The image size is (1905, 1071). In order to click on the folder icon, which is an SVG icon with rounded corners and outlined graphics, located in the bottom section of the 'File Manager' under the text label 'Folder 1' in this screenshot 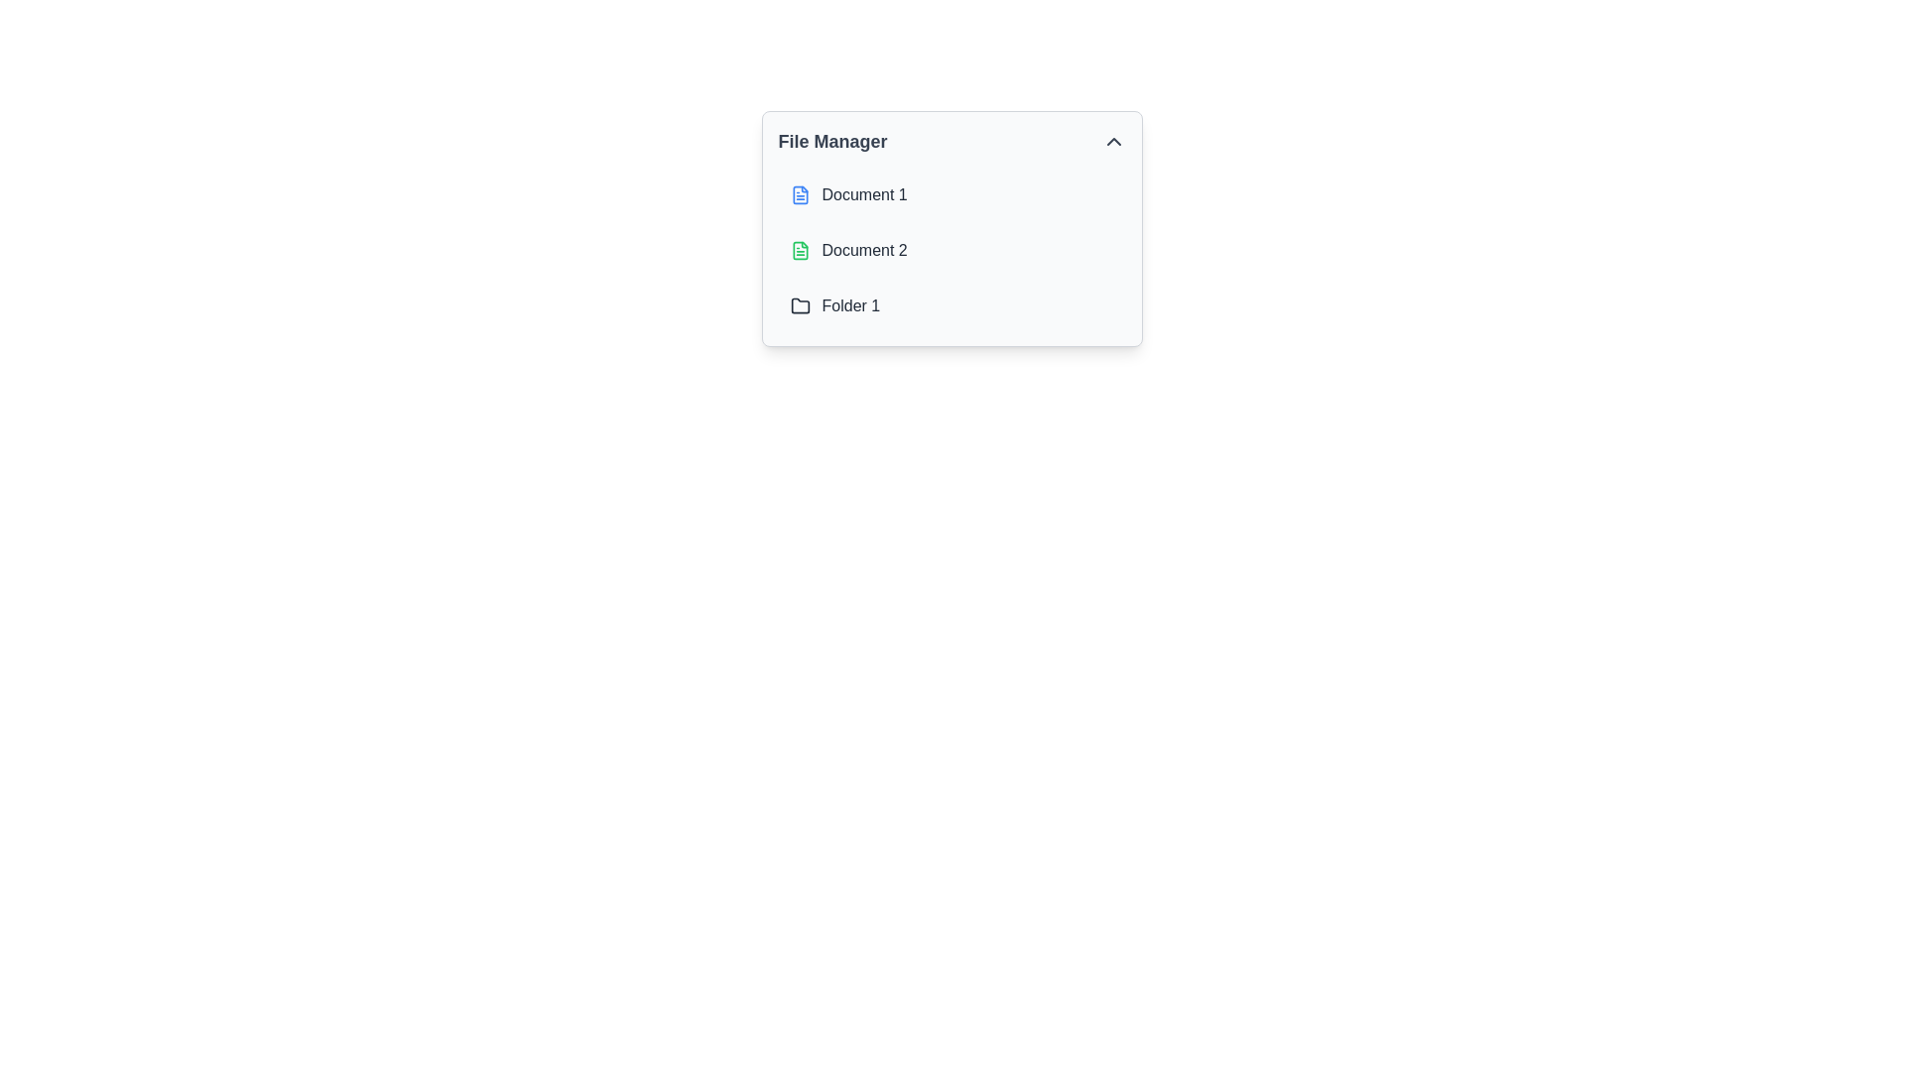, I will do `click(800, 305)`.